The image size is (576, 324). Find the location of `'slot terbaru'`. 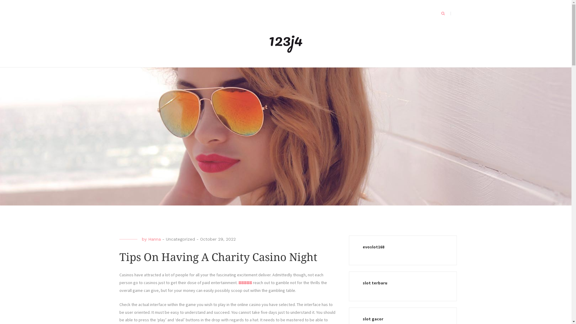

'slot terbaru' is located at coordinates (362, 283).